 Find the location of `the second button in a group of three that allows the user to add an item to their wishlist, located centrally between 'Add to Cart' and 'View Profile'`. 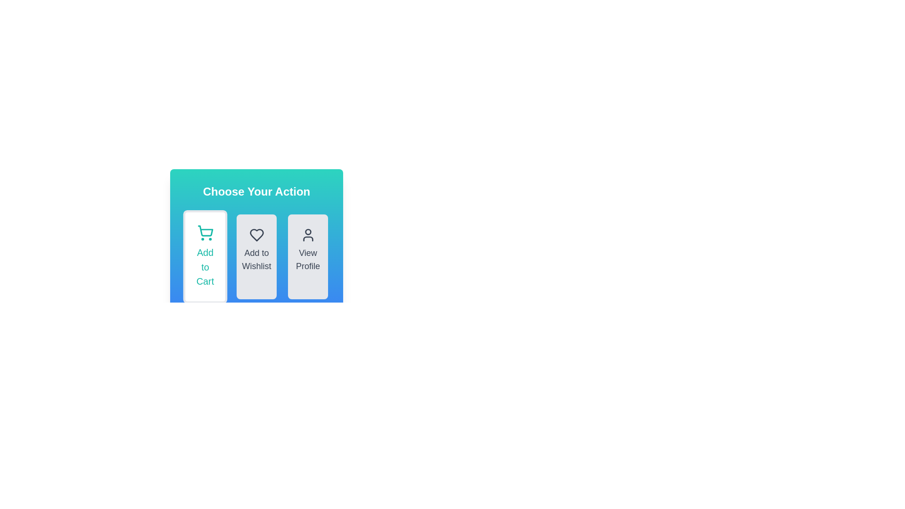

the second button in a group of three that allows the user to add an item to their wishlist, located centrally between 'Add to Cart' and 'View Profile' is located at coordinates (256, 256).